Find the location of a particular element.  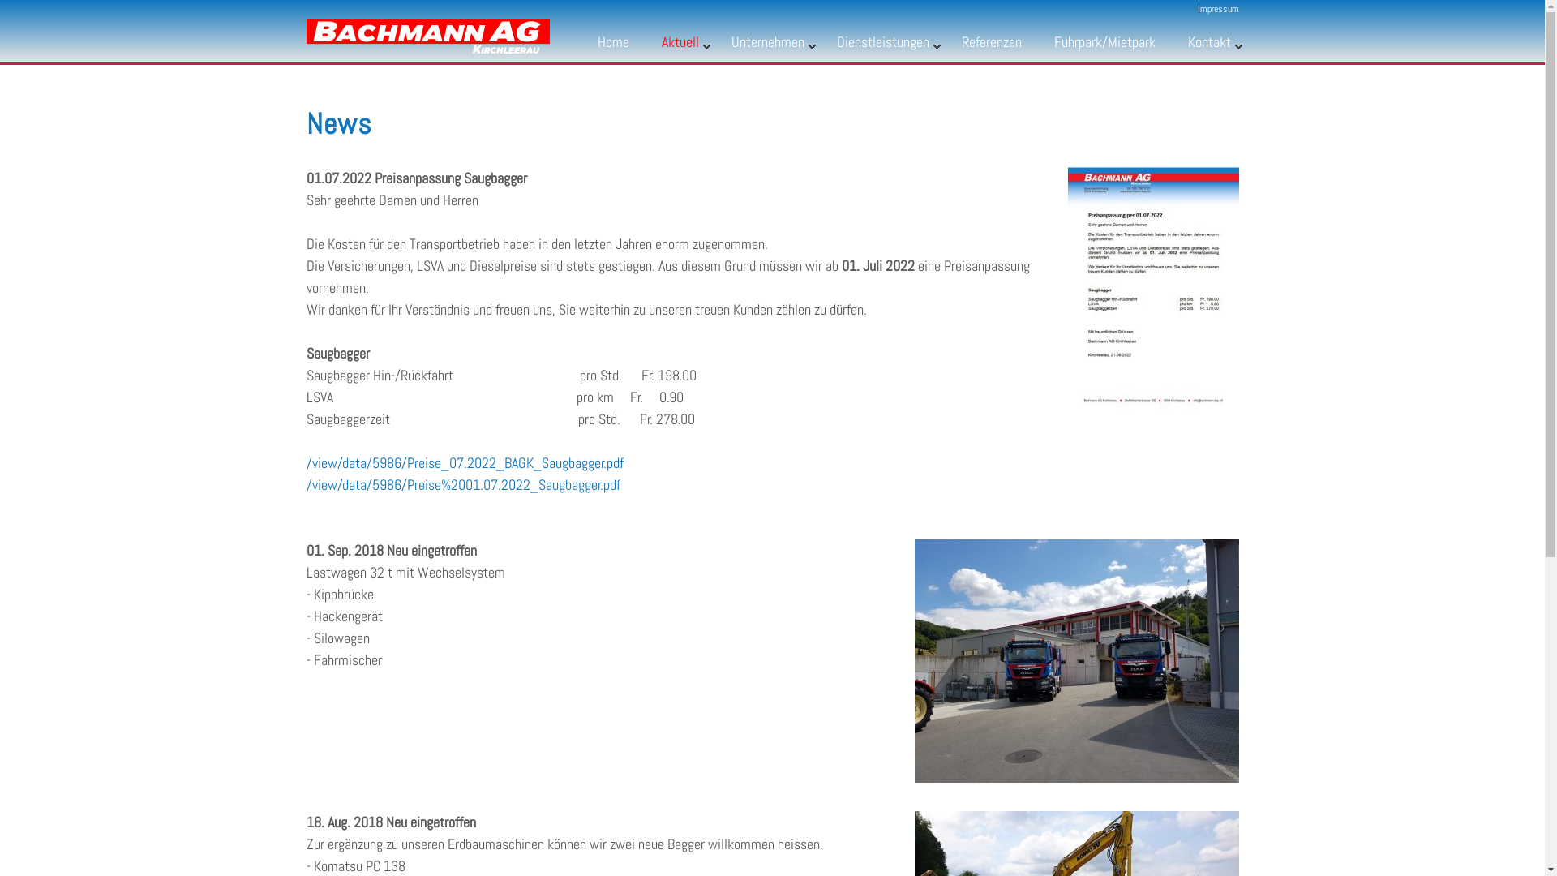

'/view/data/5986/Preise%2001.07.2022_Saugbagger.pdf' is located at coordinates (462, 483).